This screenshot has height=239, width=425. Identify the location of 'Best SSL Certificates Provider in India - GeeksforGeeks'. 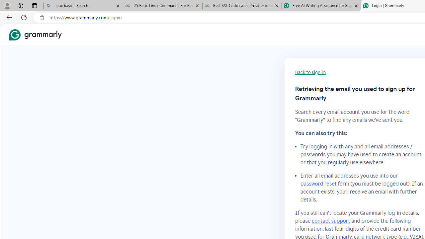
(242, 6).